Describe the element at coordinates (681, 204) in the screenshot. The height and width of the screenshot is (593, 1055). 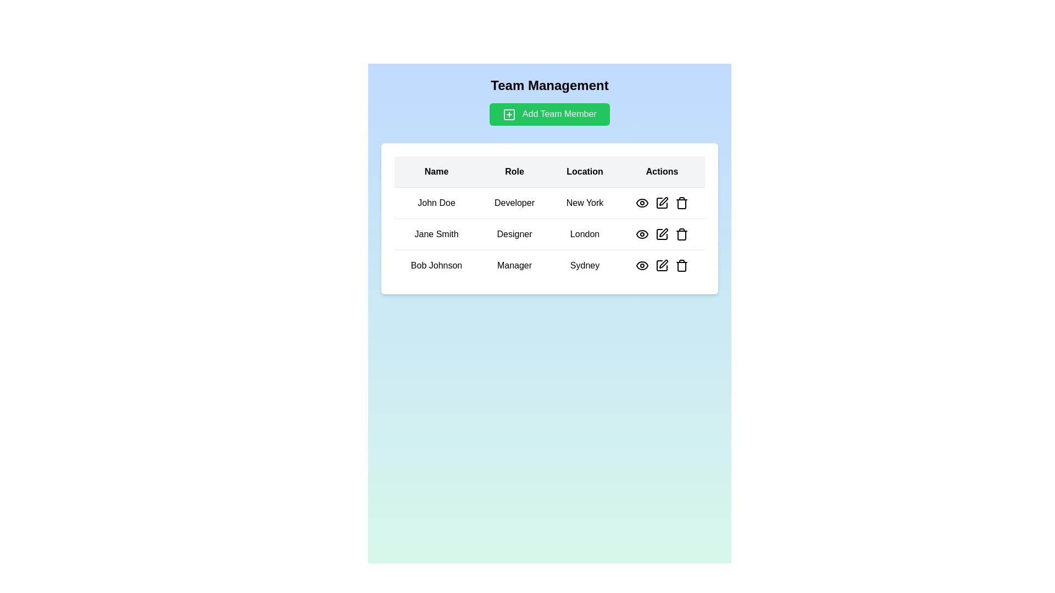
I see `the delete action icon for the user entry 'John Doe' in the 'Actions' column` at that location.